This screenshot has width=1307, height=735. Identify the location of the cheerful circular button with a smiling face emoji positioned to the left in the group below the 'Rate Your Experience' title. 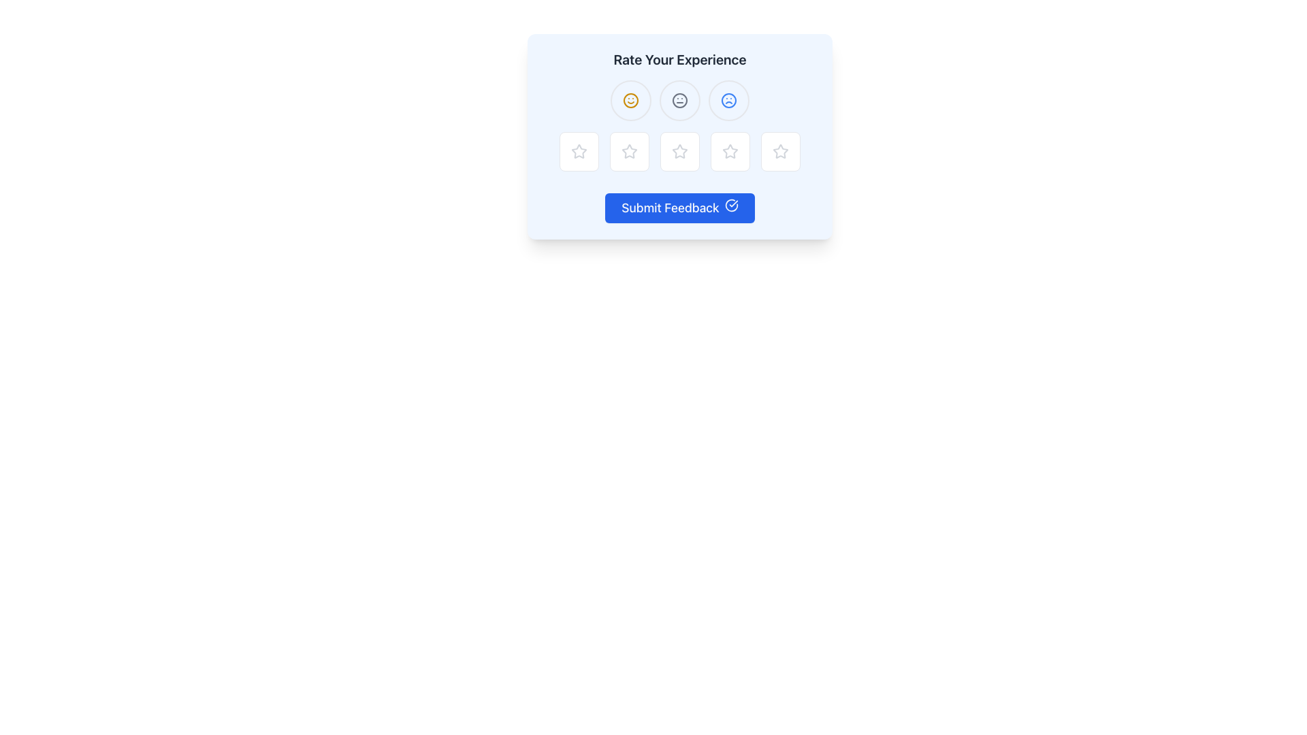
(630, 99).